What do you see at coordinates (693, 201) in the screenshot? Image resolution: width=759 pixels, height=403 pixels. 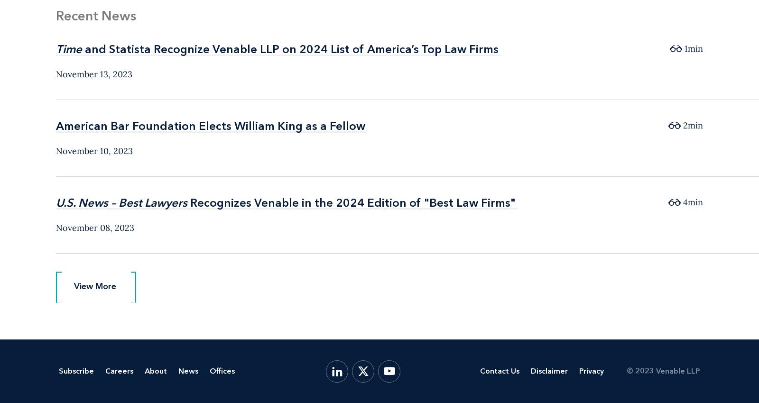 I see `'4min'` at bounding box center [693, 201].